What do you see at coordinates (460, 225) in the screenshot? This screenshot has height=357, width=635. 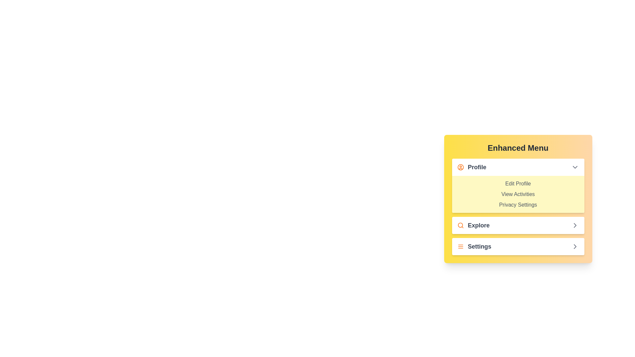 I see `the 'Explore' icon located to the left of the textual label 'Explore' in the menu` at bounding box center [460, 225].